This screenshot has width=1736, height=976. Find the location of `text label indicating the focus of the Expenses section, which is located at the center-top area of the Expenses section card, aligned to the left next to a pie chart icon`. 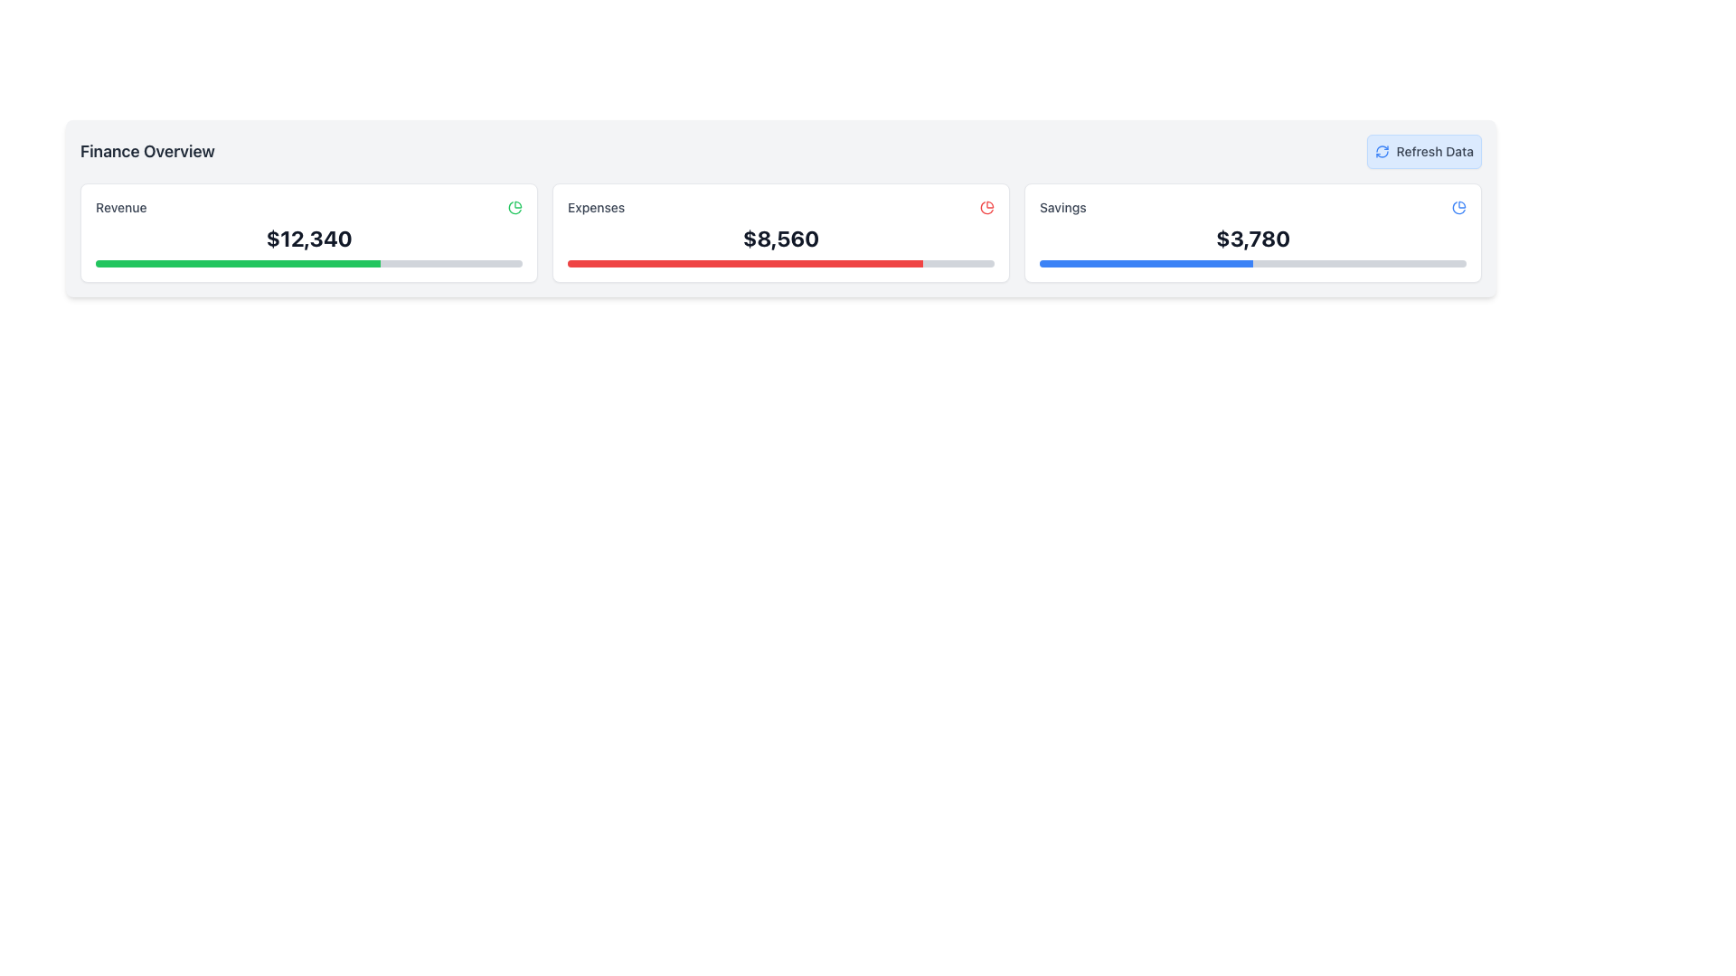

text label indicating the focus of the Expenses section, which is located at the center-top area of the Expenses section card, aligned to the left next to a pie chart icon is located at coordinates (596, 207).